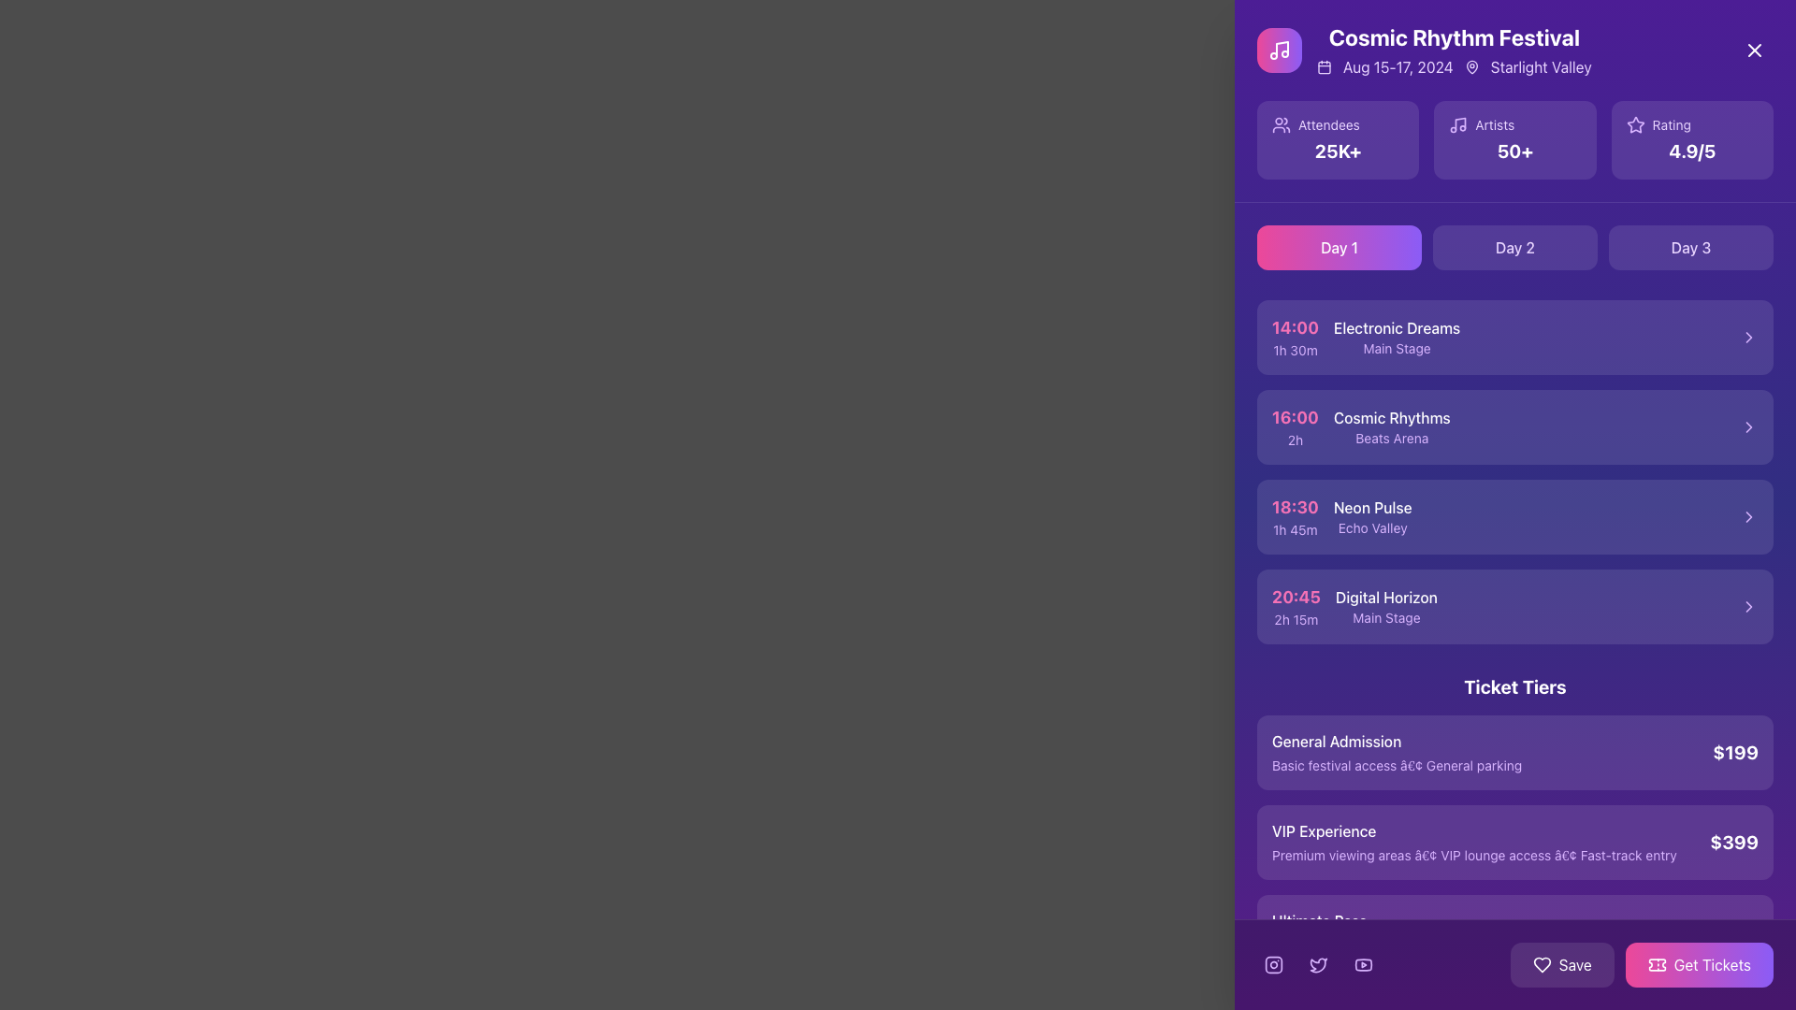 This screenshot has width=1796, height=1010. I want to click on the close button located in the upper-right corner of the modal, so click(1754, 50).